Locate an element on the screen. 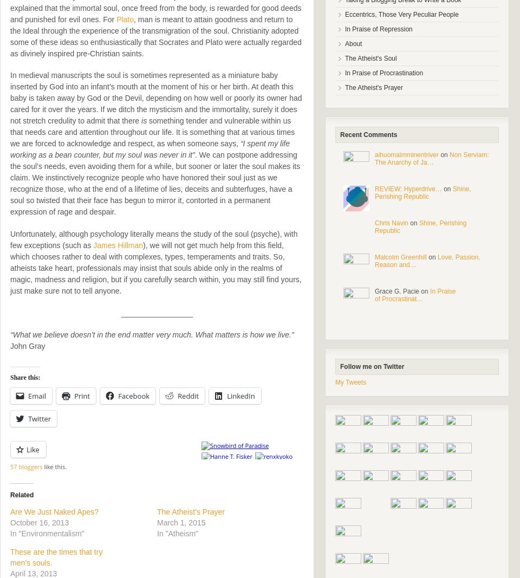  'Malcolm Greenhill' is located at coordinates (400, 257).